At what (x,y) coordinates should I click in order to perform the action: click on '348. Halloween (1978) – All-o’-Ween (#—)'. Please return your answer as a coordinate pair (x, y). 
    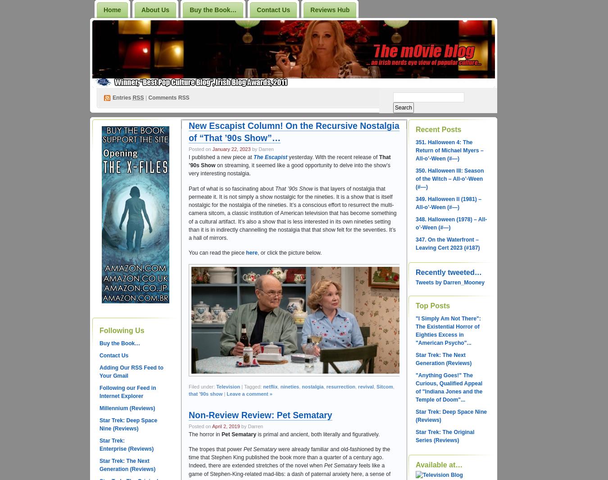
    Looking at the image, I should click on (450, 223).